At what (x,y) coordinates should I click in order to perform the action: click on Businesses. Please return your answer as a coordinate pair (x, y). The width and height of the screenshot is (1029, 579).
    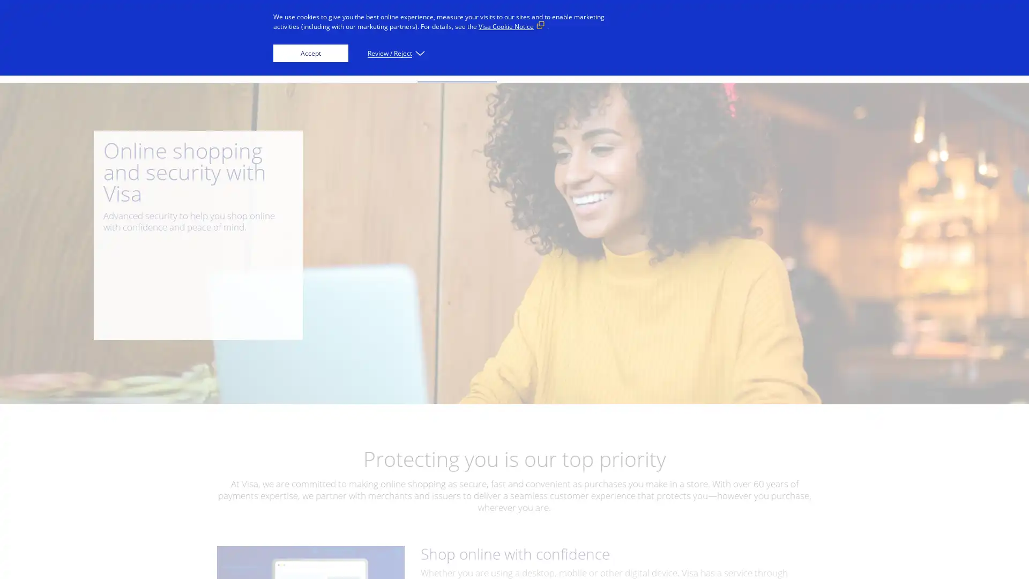
    Looking at the image, I should click on (504, 28).